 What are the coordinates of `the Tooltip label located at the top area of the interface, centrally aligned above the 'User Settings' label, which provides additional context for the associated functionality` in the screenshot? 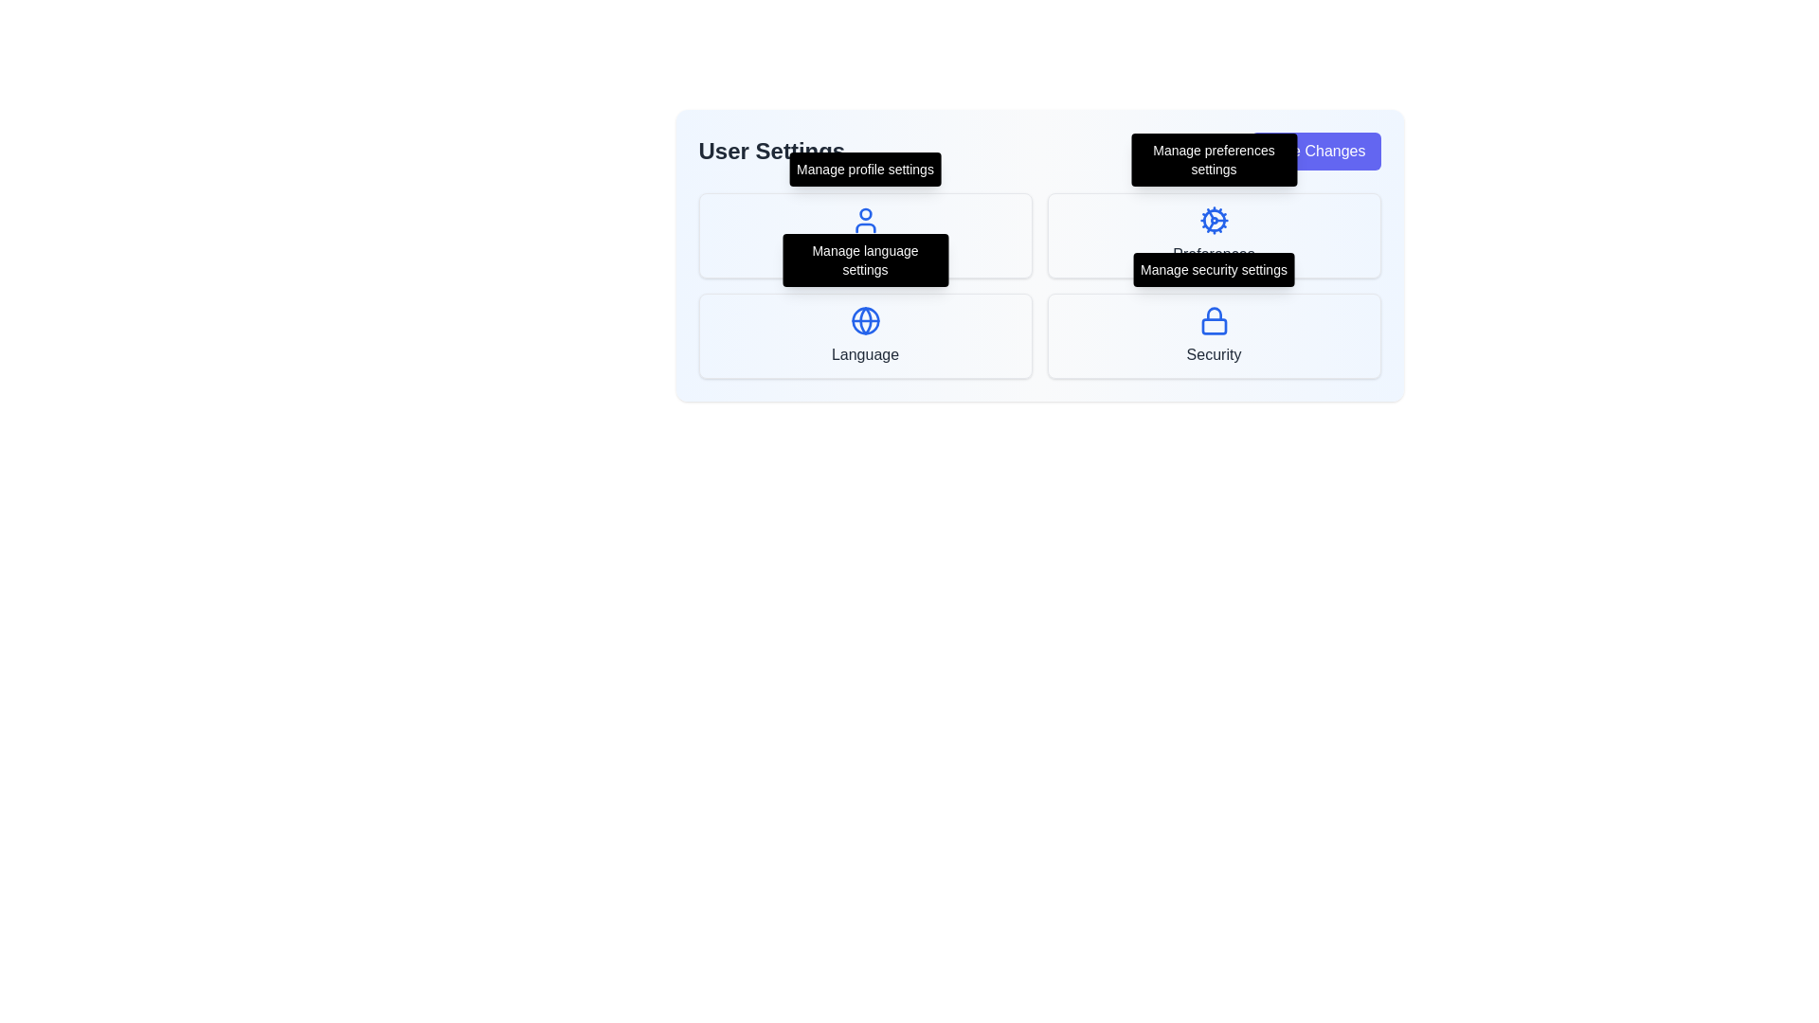 It's located at (864, 168).